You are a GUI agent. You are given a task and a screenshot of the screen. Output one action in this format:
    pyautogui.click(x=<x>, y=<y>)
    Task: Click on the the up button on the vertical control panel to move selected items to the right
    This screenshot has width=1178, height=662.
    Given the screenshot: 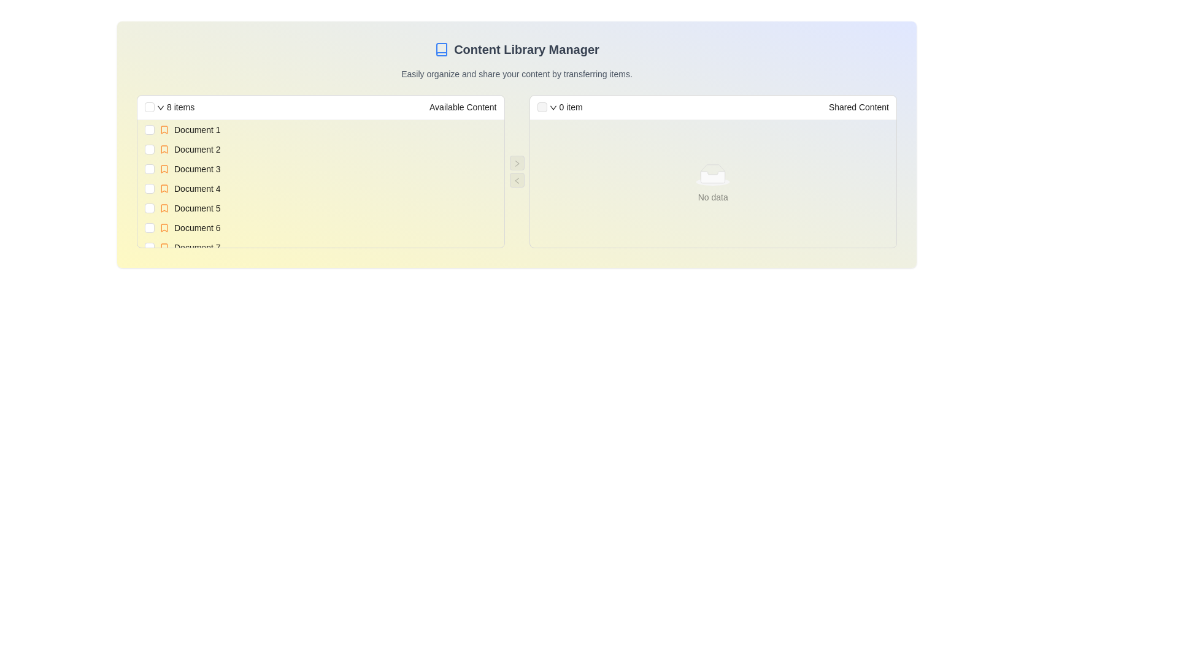 What is the action you would take?
    pyautogui.click(x=517, y=172)
    